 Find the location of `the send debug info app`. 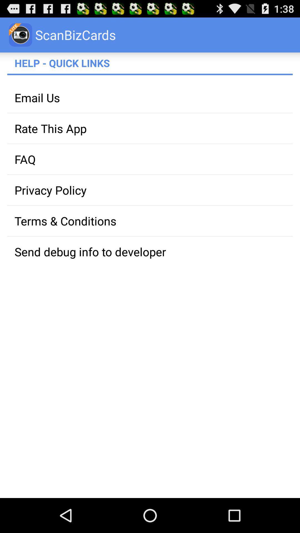

the send debug info app is located at coordinates (150, 251).